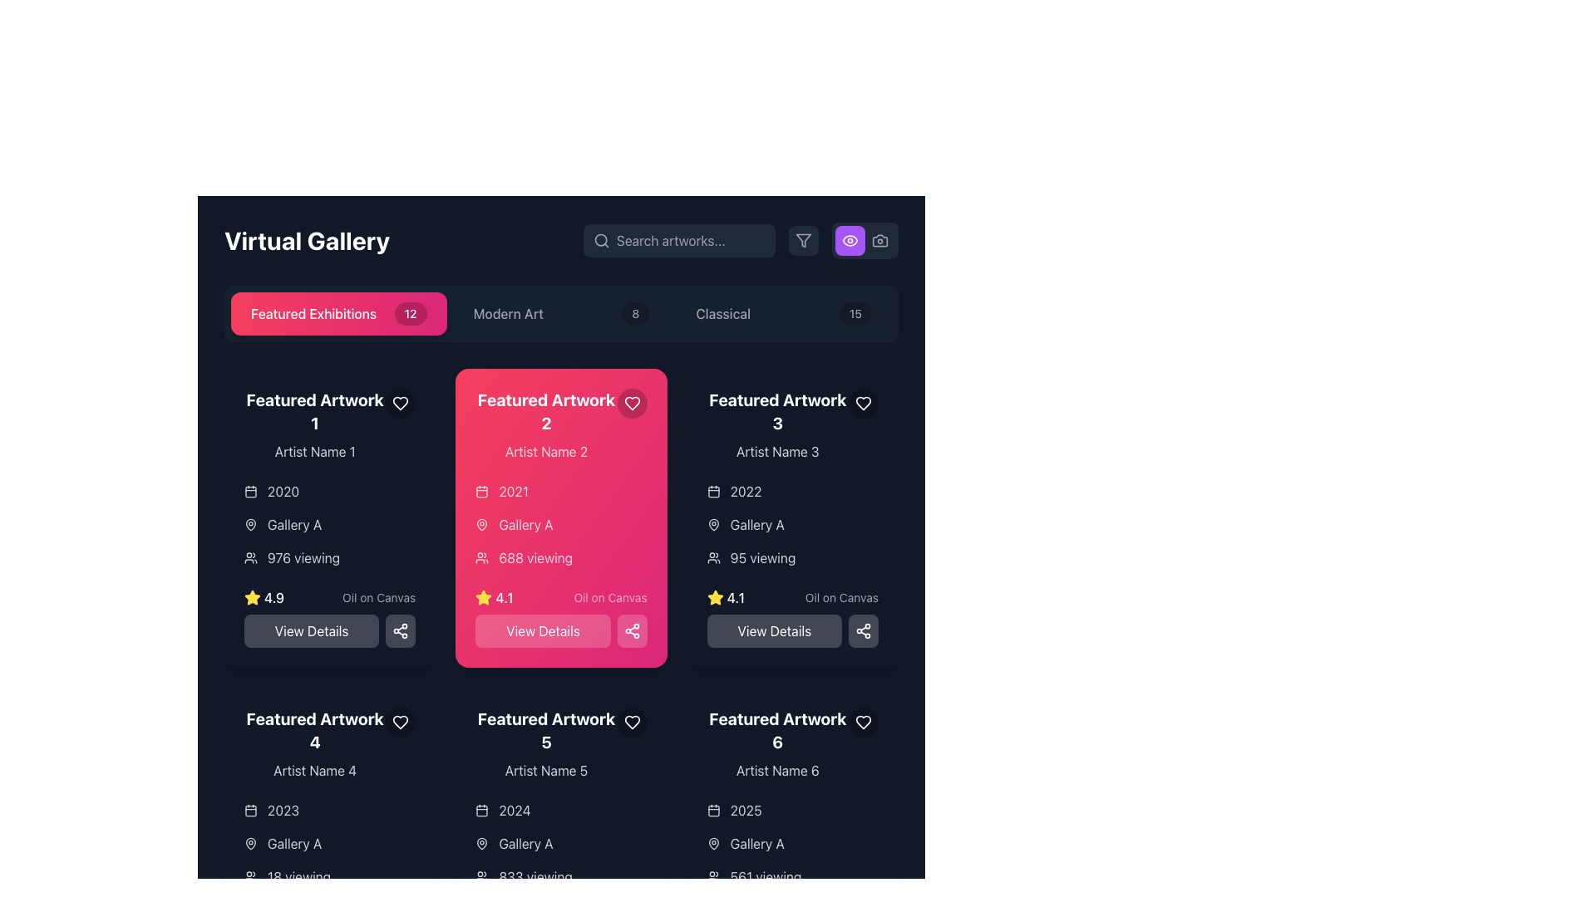  I want to click on the 'Modern Art' text label in the navigation bar, which is styled with white text against a dark background and is the second element among its siblings, so click(507, 314).